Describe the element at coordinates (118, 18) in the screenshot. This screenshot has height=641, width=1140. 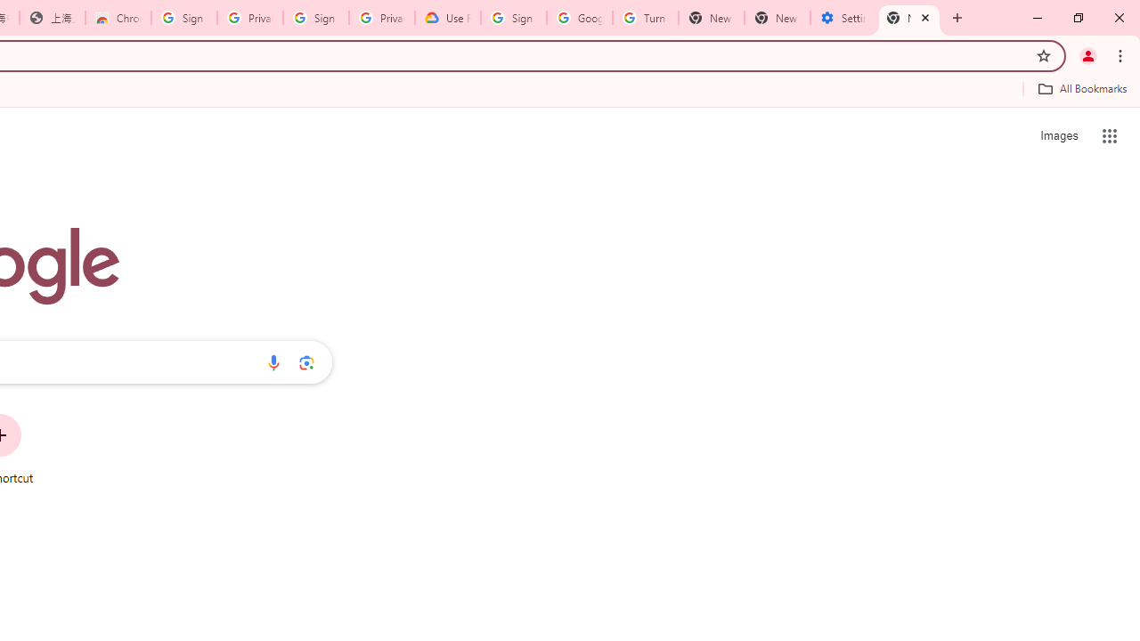
I see `'Chrome Web Store - Color themes by Chrome'` at that location.